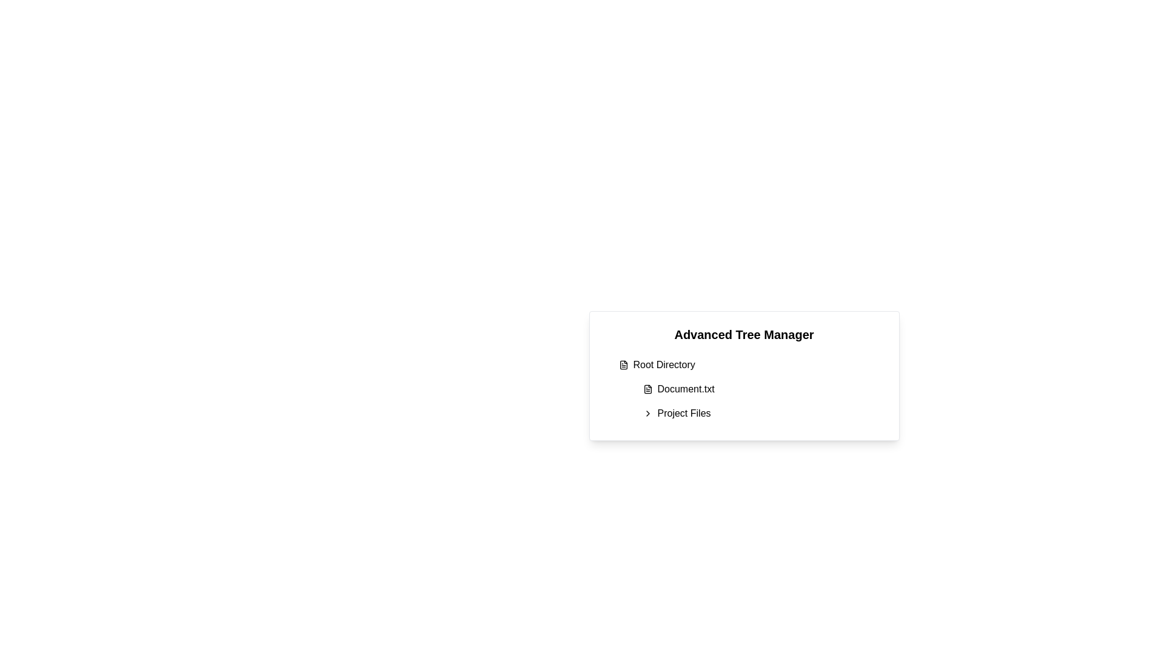  What do you see at coordinates (663, 364) in the screenshot?
I see `the 'Root Directory' label, which is part of a clickable tree structure and is located next to a document icon` at bounding box center [663, 364].